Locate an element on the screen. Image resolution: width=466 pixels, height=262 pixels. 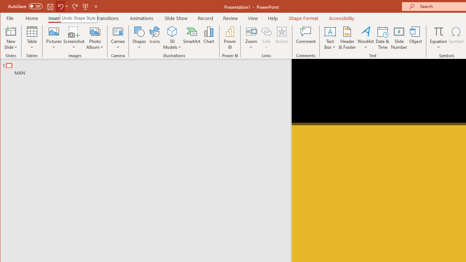
'Undo Shape Style' is located at coordinates (79, 17).